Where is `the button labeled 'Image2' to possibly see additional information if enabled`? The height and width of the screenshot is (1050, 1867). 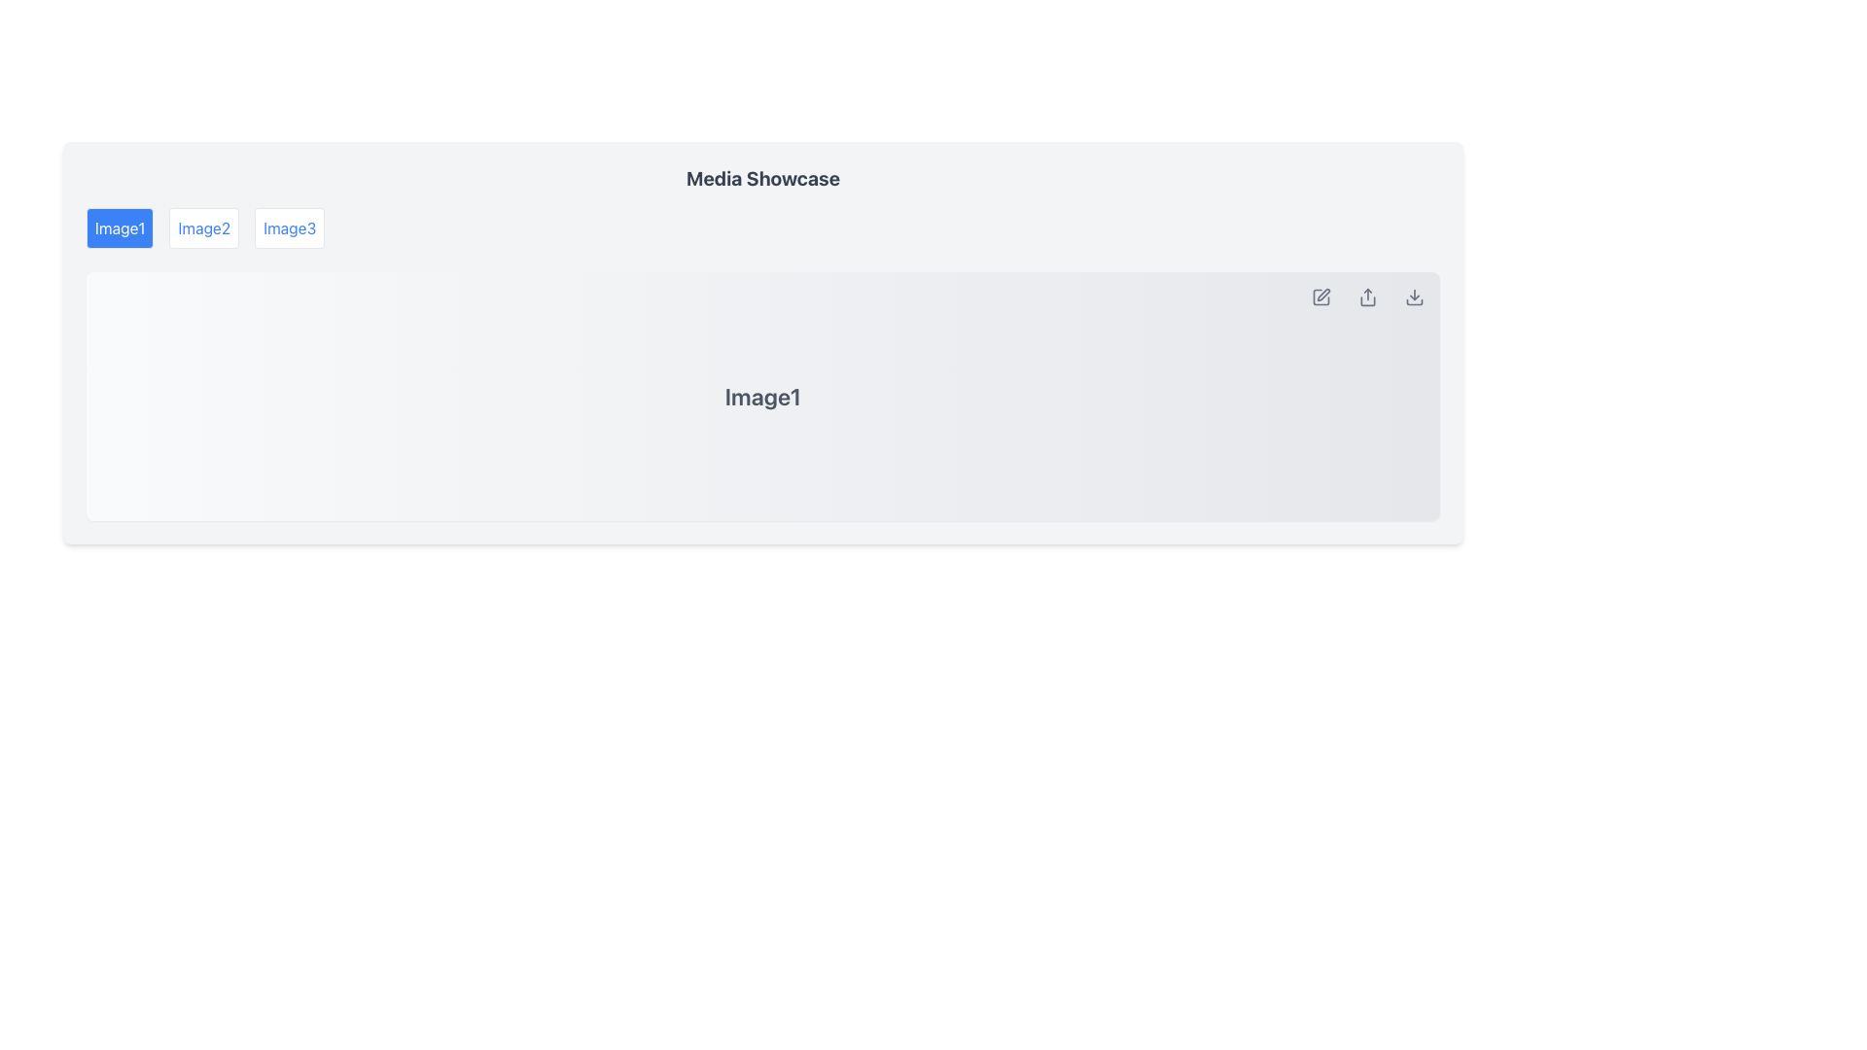
the button labeled 'Image2' to possibly see additional information if enabled is located at coordinates (204, 227).